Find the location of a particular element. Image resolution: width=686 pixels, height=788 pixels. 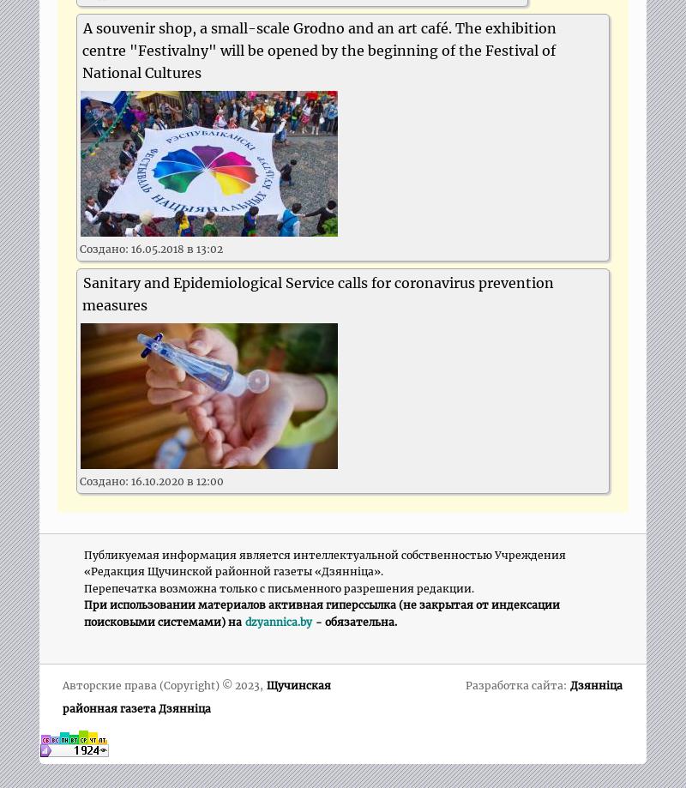

'16.05.2018 в 13:02' is located at coordinates (177, 248).